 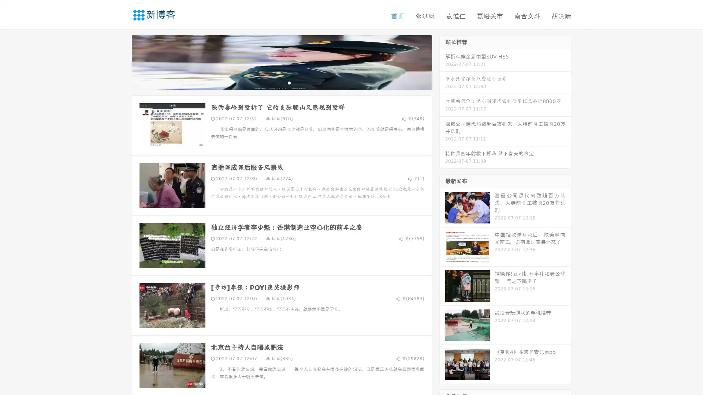 What do you see at coordinates (281, 82) in the screenshot?
I see `Go to slide 2` at bounding box center [281, 82].